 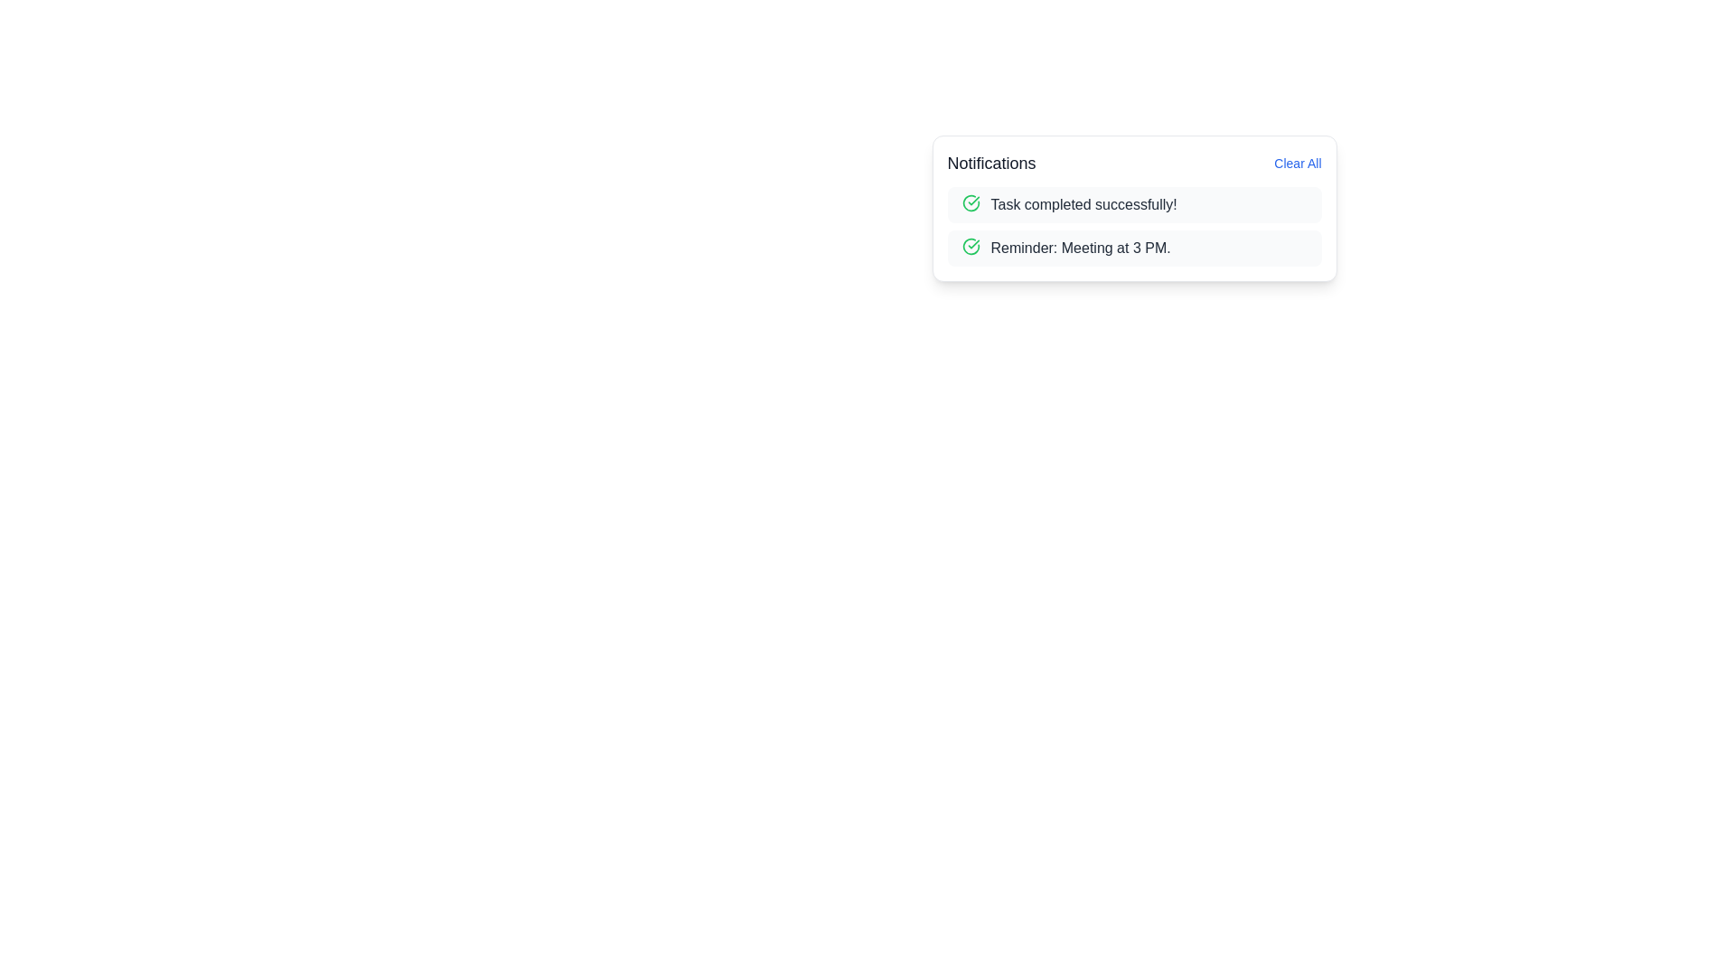 What do you see at coordinates (970, 202) in the screenshot?
I see `the success icon located in the first notification titled 'Task completed successfully!' to indicate visual feedback for task completion` at bounding box center [970, 202].